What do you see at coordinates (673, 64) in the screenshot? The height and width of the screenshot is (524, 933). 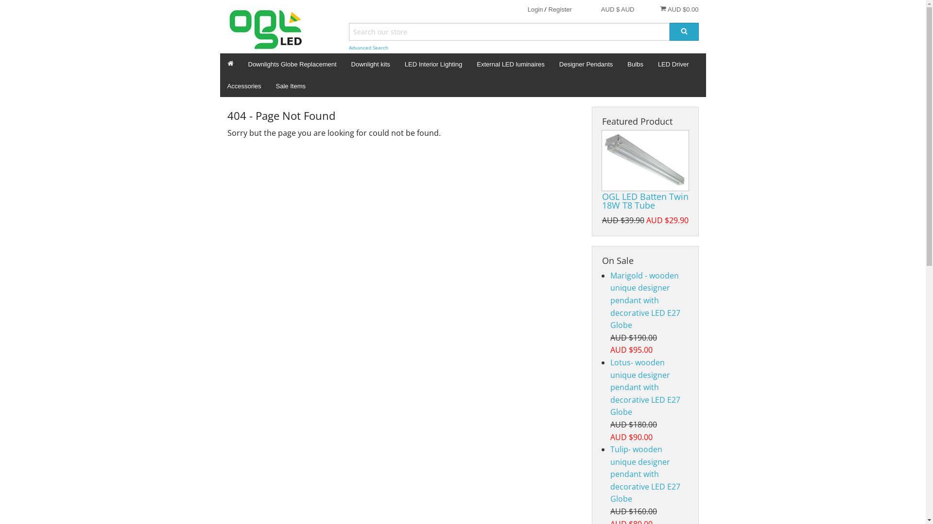 I see `'LED Driver'` at bounding box center [673, 64].